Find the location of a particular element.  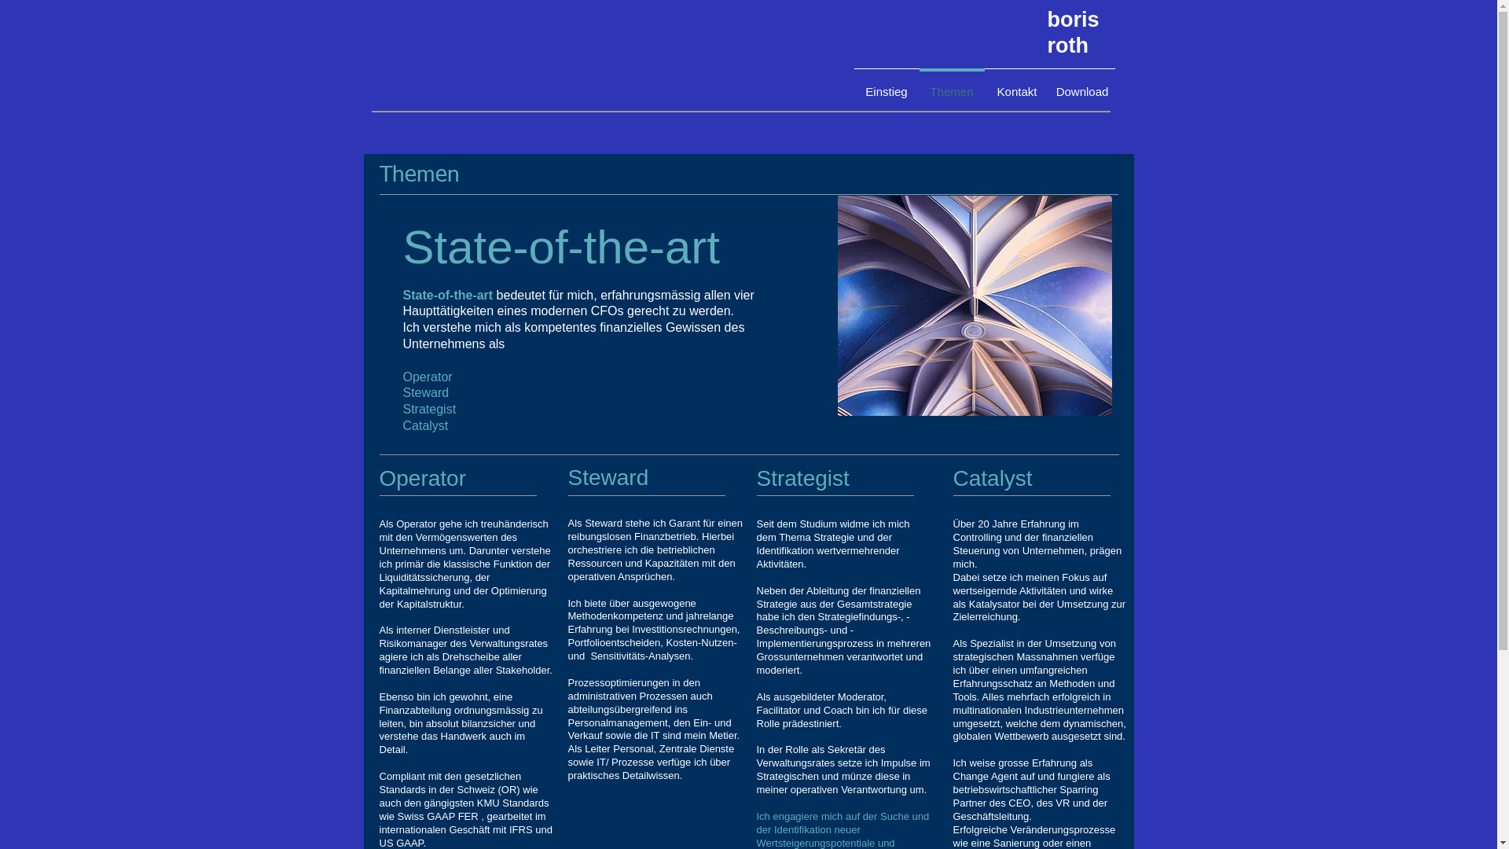

'Themen' is located at coordinates (418, 175).